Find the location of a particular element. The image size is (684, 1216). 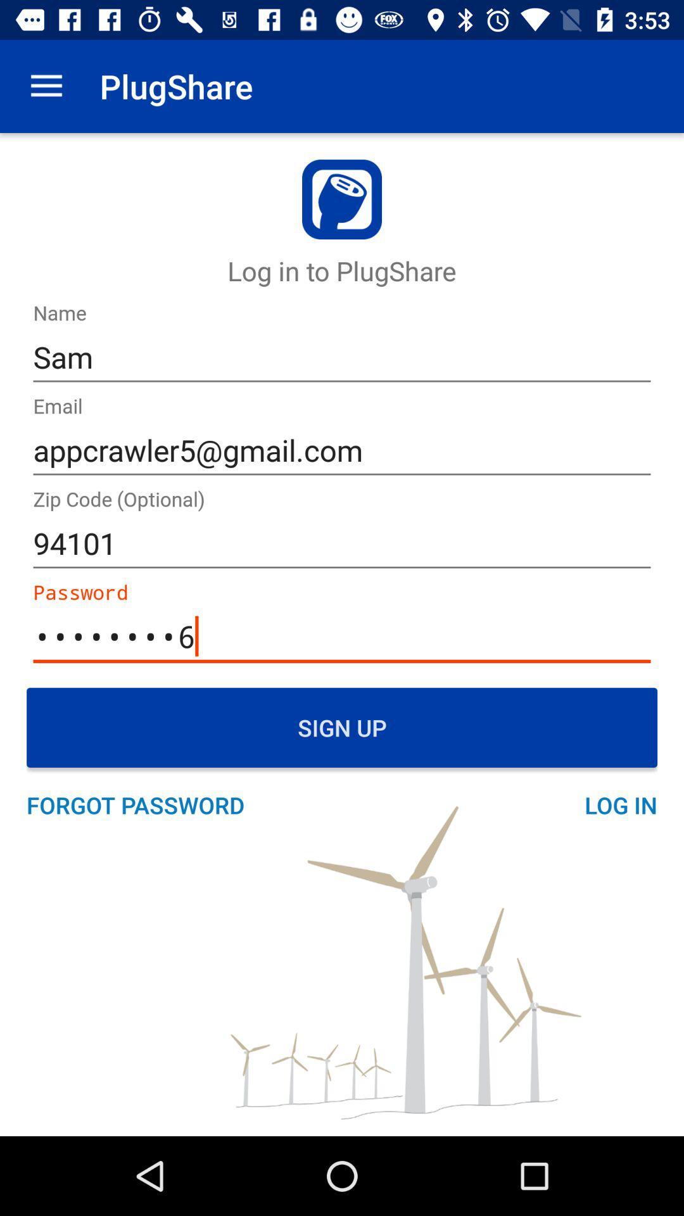

the sam is located at coordinates (342, 357).